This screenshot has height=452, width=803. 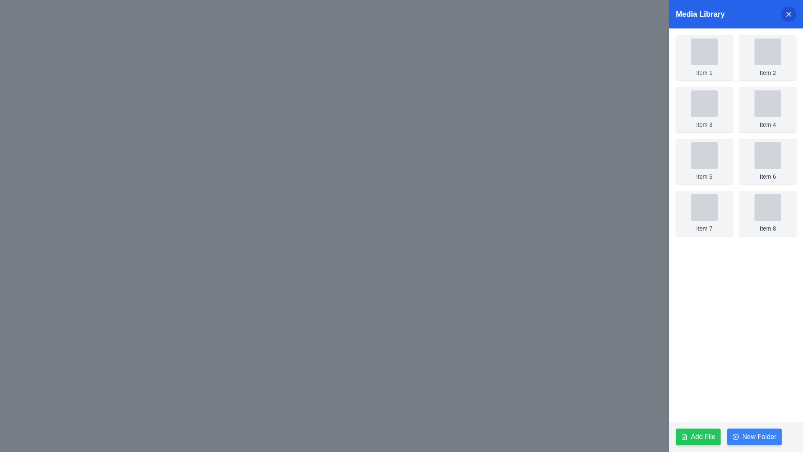 I want to click on the rectangular 'New Folder' button with a blue background and white text, so click(x=754, y=437).